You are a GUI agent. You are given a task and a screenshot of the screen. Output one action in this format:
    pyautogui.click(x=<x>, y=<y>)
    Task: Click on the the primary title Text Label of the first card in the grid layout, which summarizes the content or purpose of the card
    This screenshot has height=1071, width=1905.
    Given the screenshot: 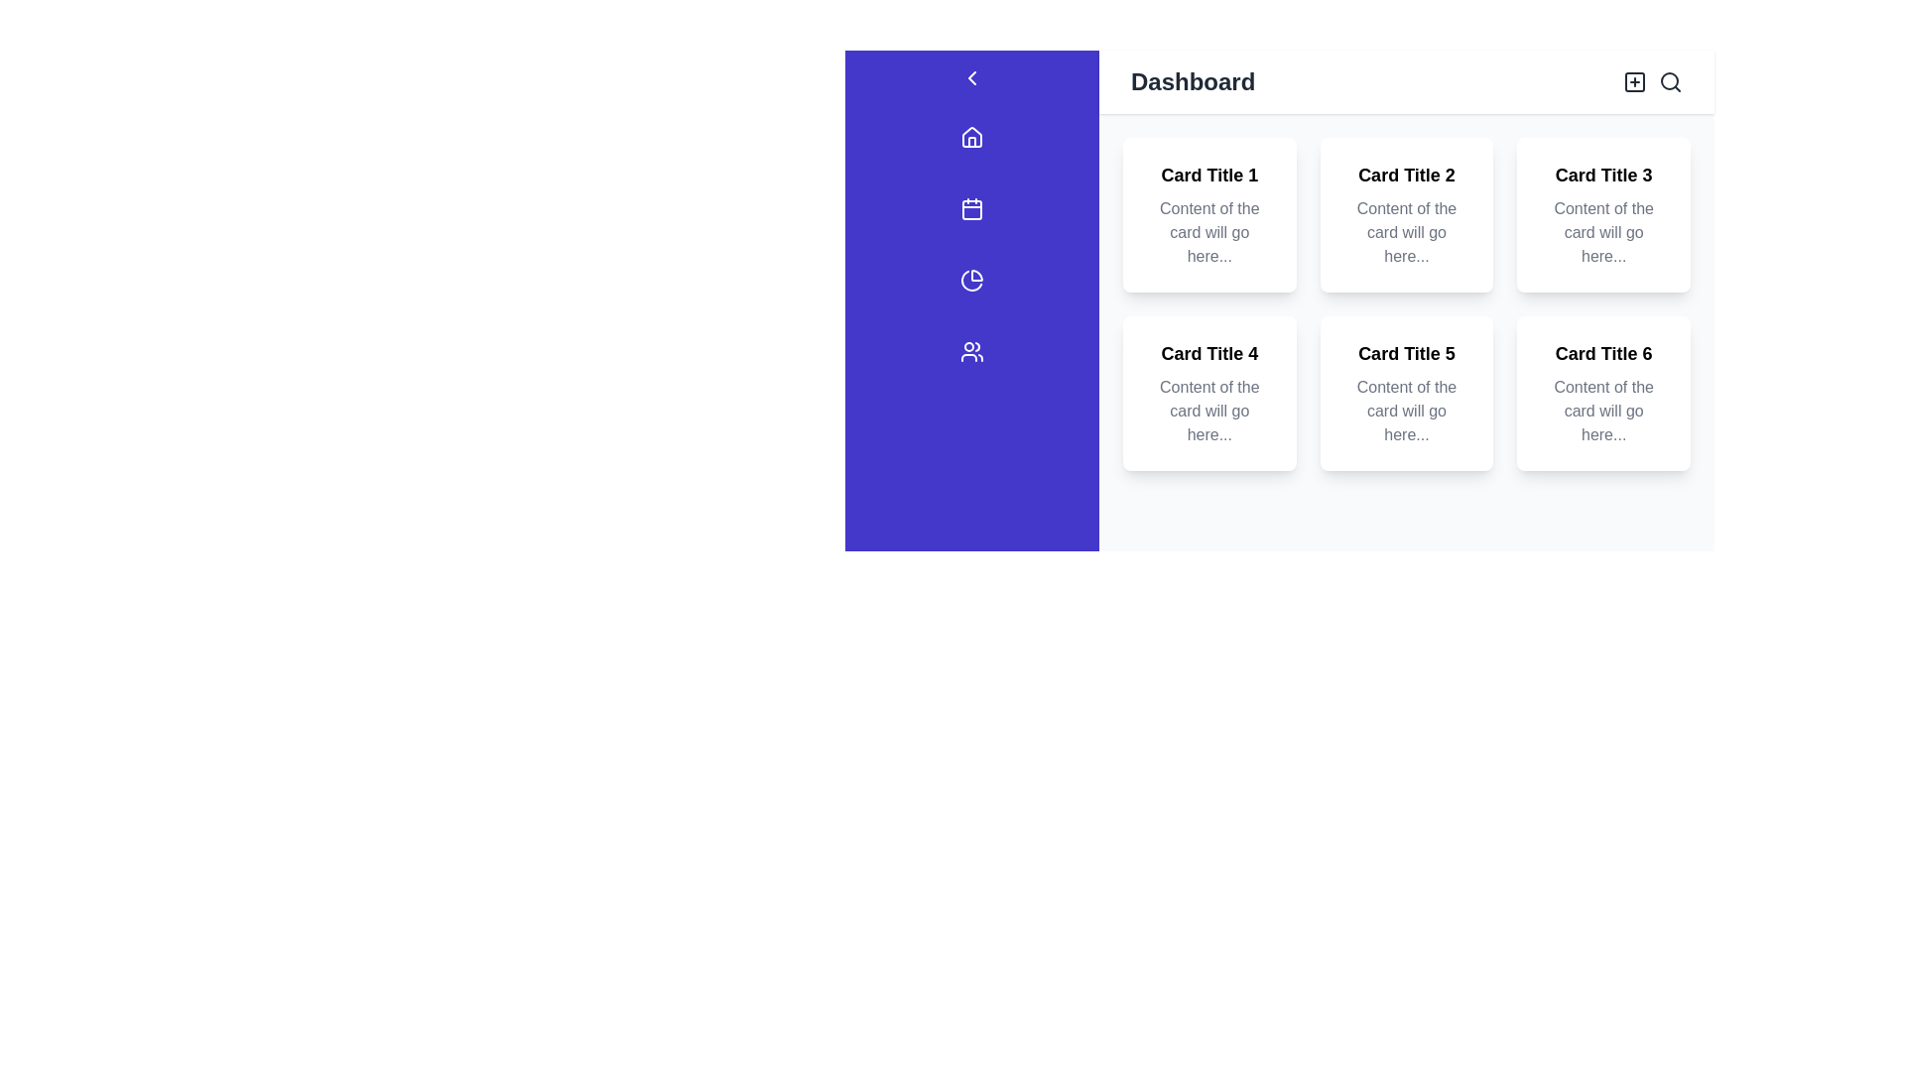 What is the action you would take?
    pyautogui.click(x=1208, y=175)
    